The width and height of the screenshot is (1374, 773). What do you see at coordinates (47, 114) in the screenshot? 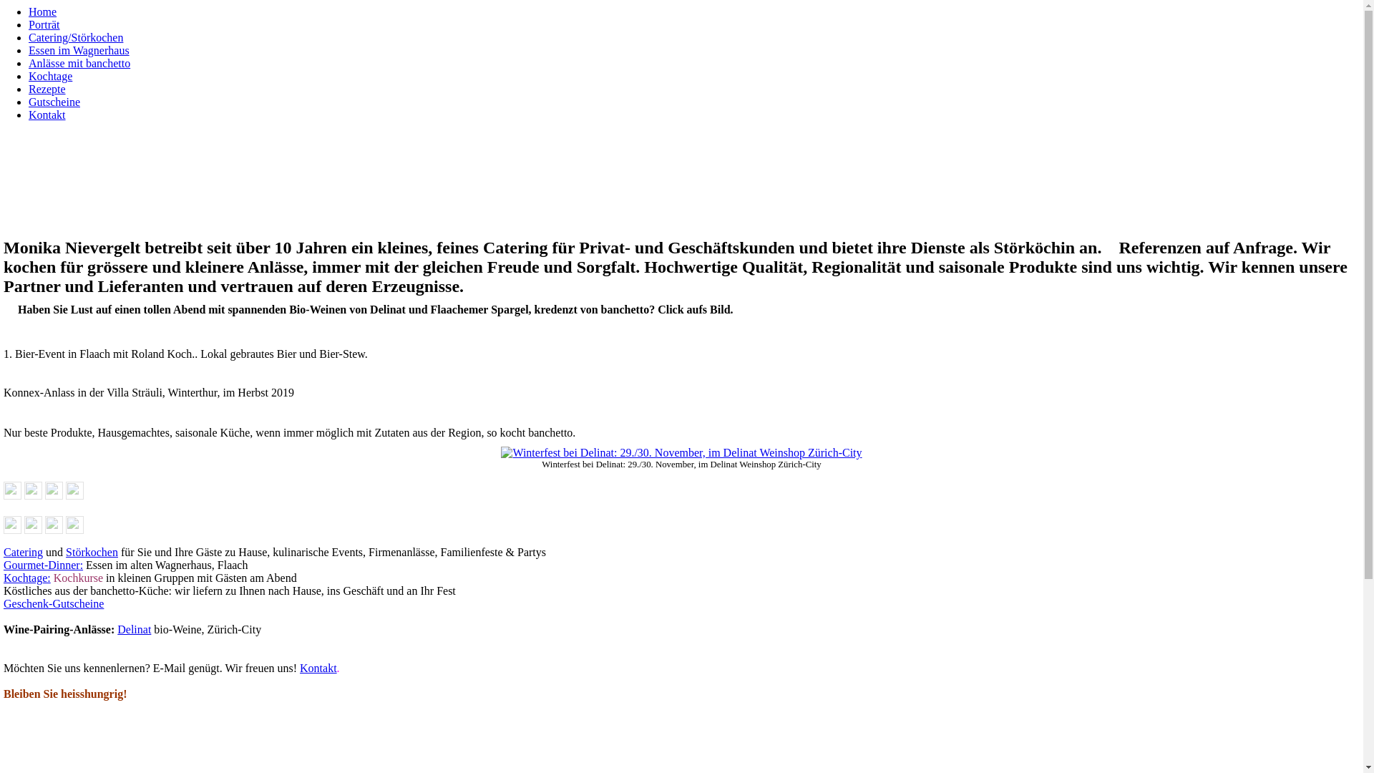
I see `'Kontakt'` at bounding box center [47, 114].